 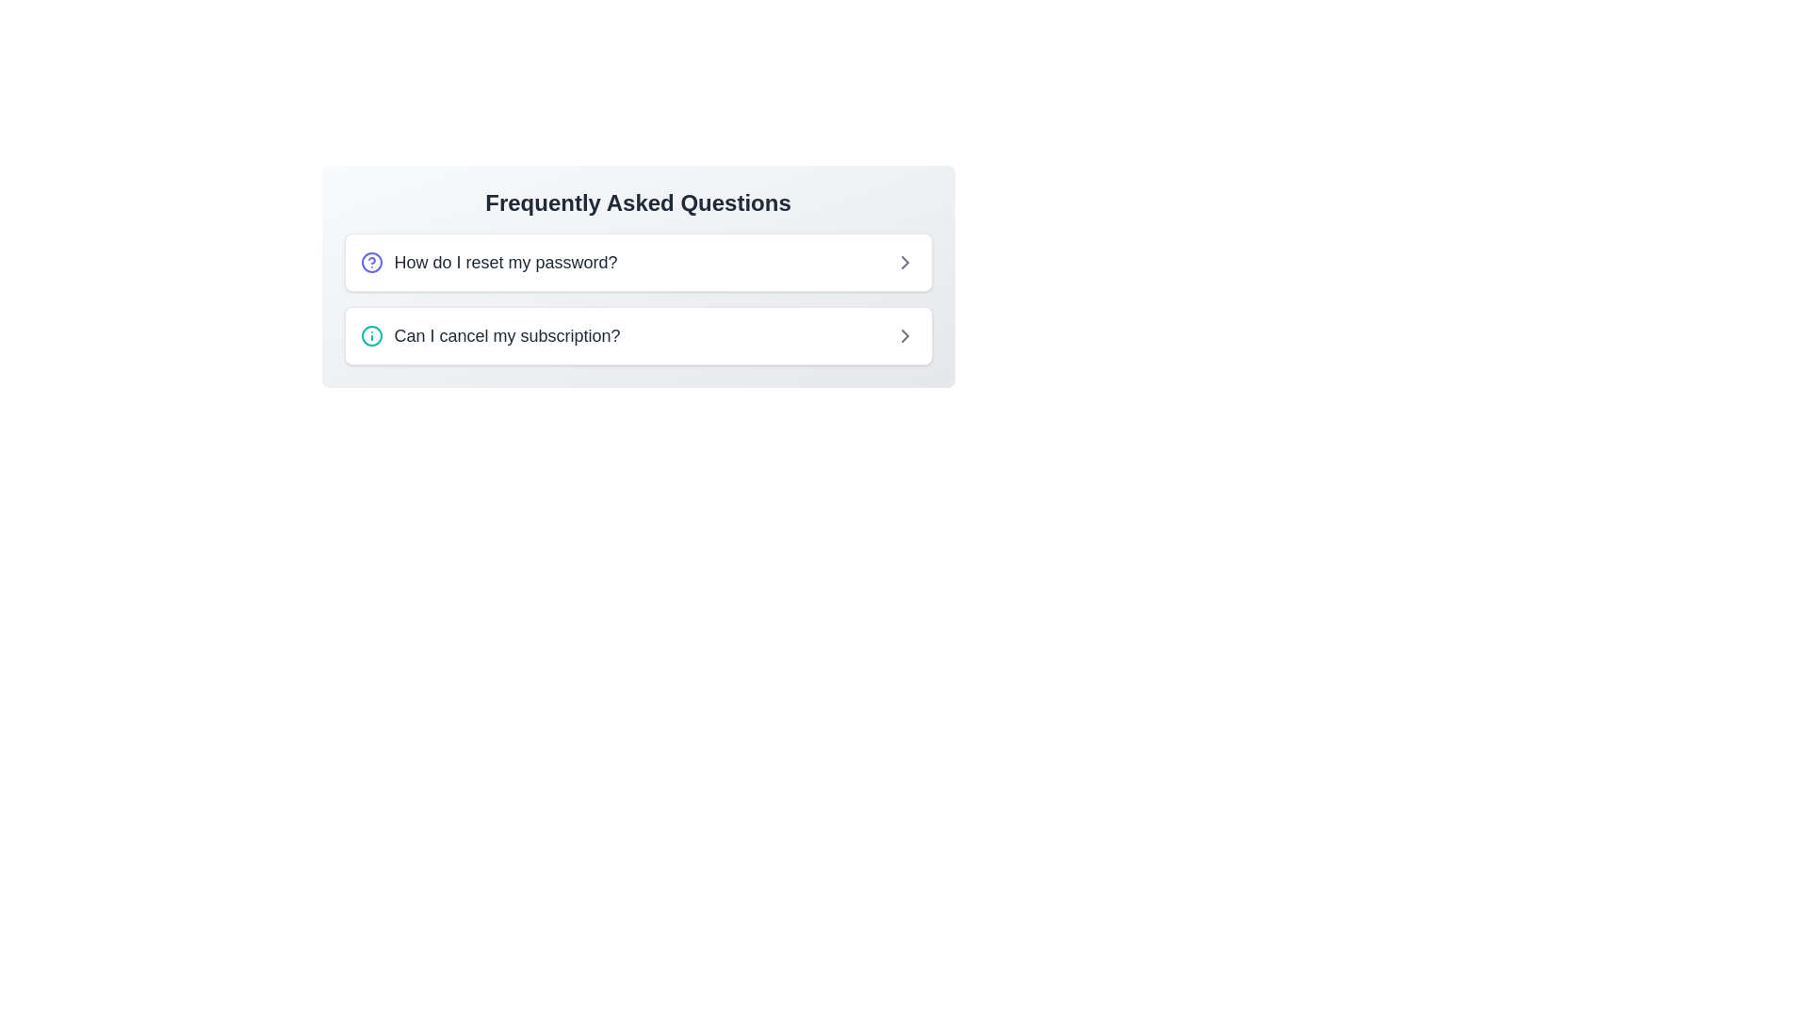 I want to click on the text label that says 'Can I cancel my subscription?' to select the text for copying, so click(x=507, y=335).